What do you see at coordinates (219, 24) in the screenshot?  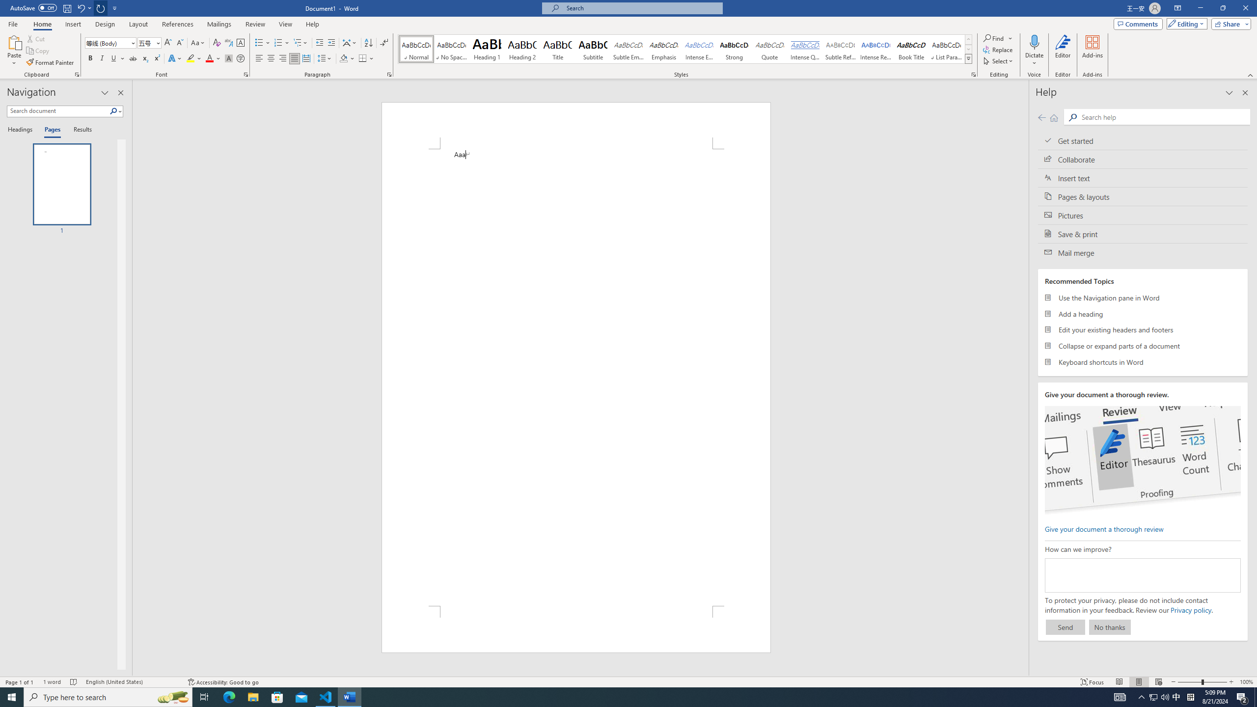 I see `'Mailings'` at bounding box center [219, 24].